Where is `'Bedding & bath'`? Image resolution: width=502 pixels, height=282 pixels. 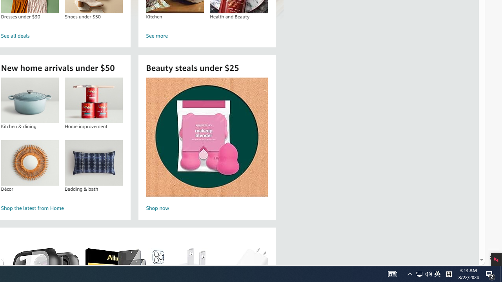 'Bedding & bath' is located at coordinates (93, 162).